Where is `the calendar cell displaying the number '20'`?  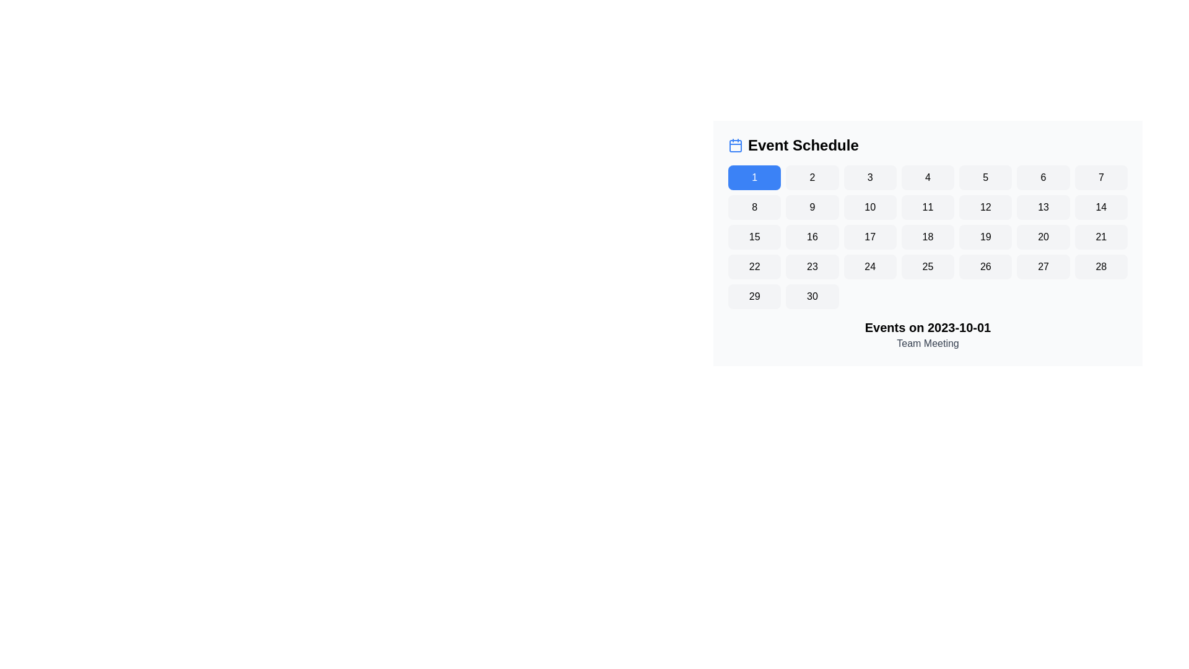
the calendar cell displaying the number '20' is located at coordinates (1042, 237).